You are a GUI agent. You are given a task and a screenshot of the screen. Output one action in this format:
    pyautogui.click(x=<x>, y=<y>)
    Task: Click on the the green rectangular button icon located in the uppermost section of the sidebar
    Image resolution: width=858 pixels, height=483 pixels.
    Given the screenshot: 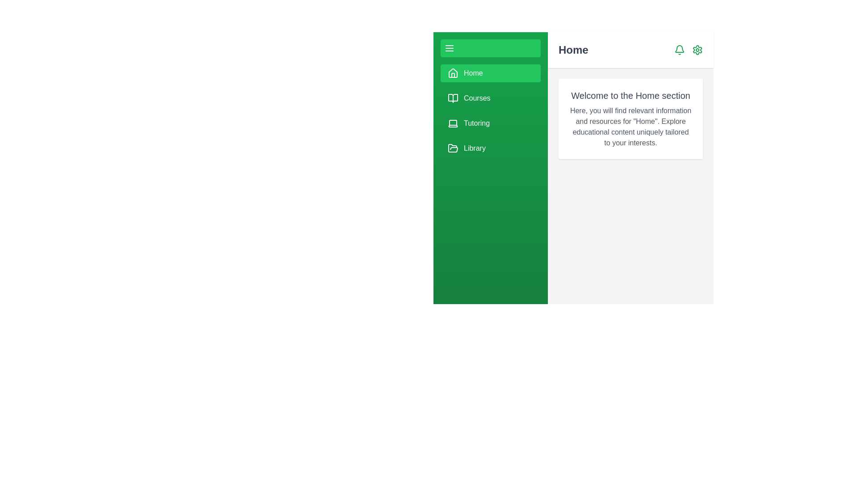 What is the action you would take?
    pyautogui.click(x=450, y=48)
    